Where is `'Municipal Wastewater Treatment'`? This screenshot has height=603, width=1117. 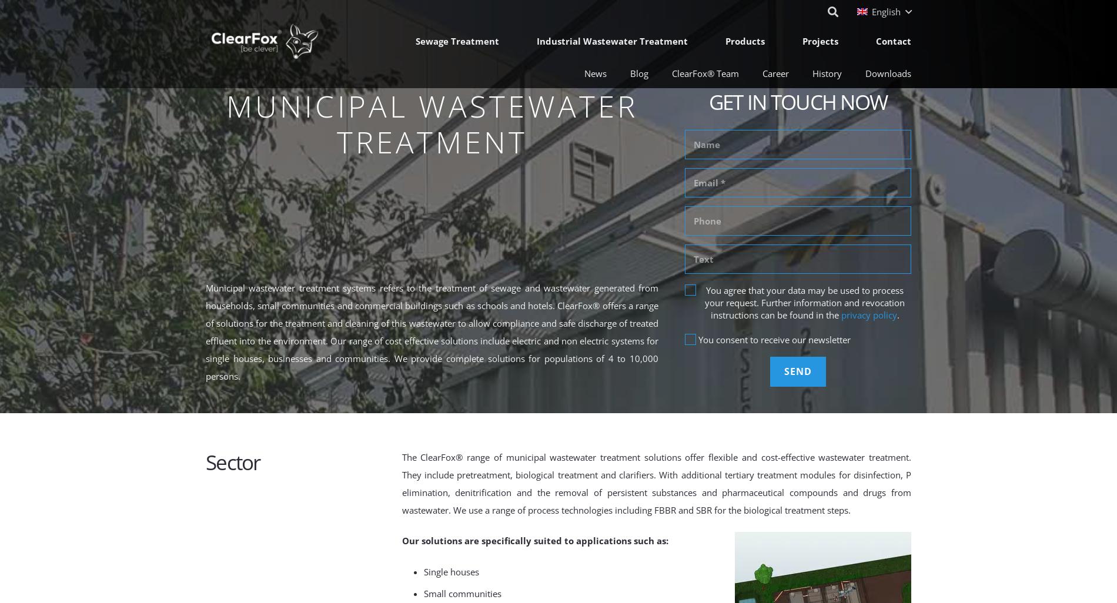
'Municipal Wastewater Treatment' is located at coordinates (225, 123).